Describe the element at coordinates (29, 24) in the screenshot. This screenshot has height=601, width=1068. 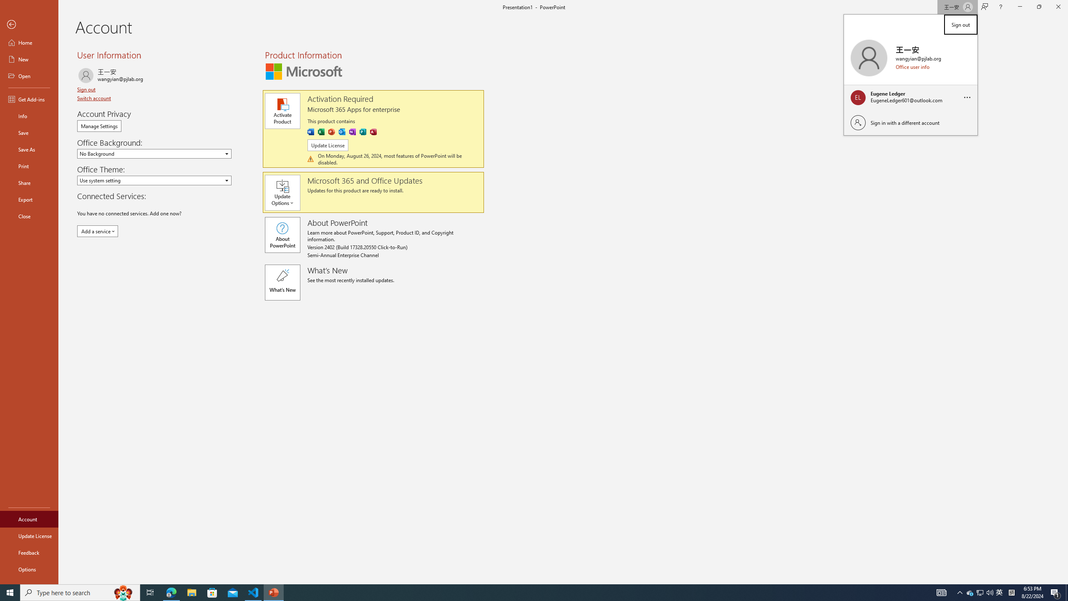
I see `'Back'` at that location.